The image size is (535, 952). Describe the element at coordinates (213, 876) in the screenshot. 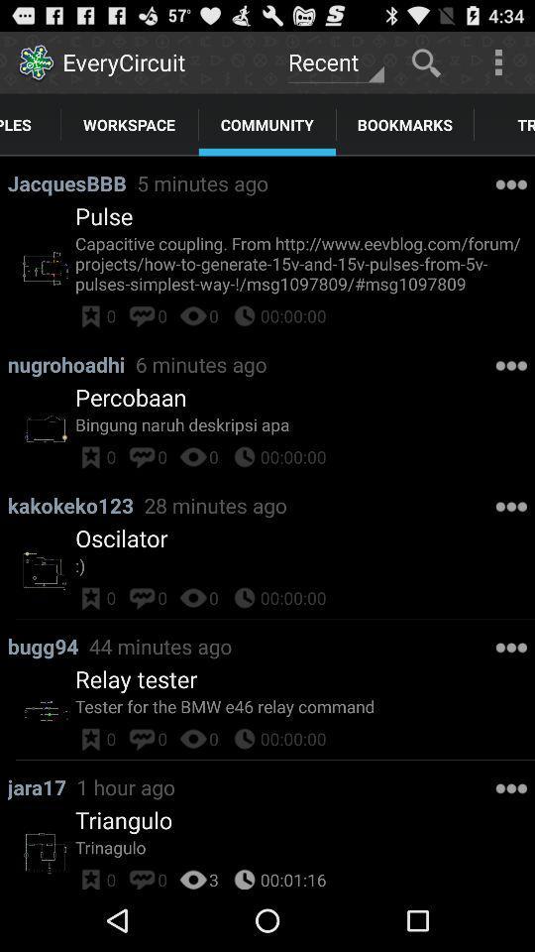

I see `3 icon` at that location.